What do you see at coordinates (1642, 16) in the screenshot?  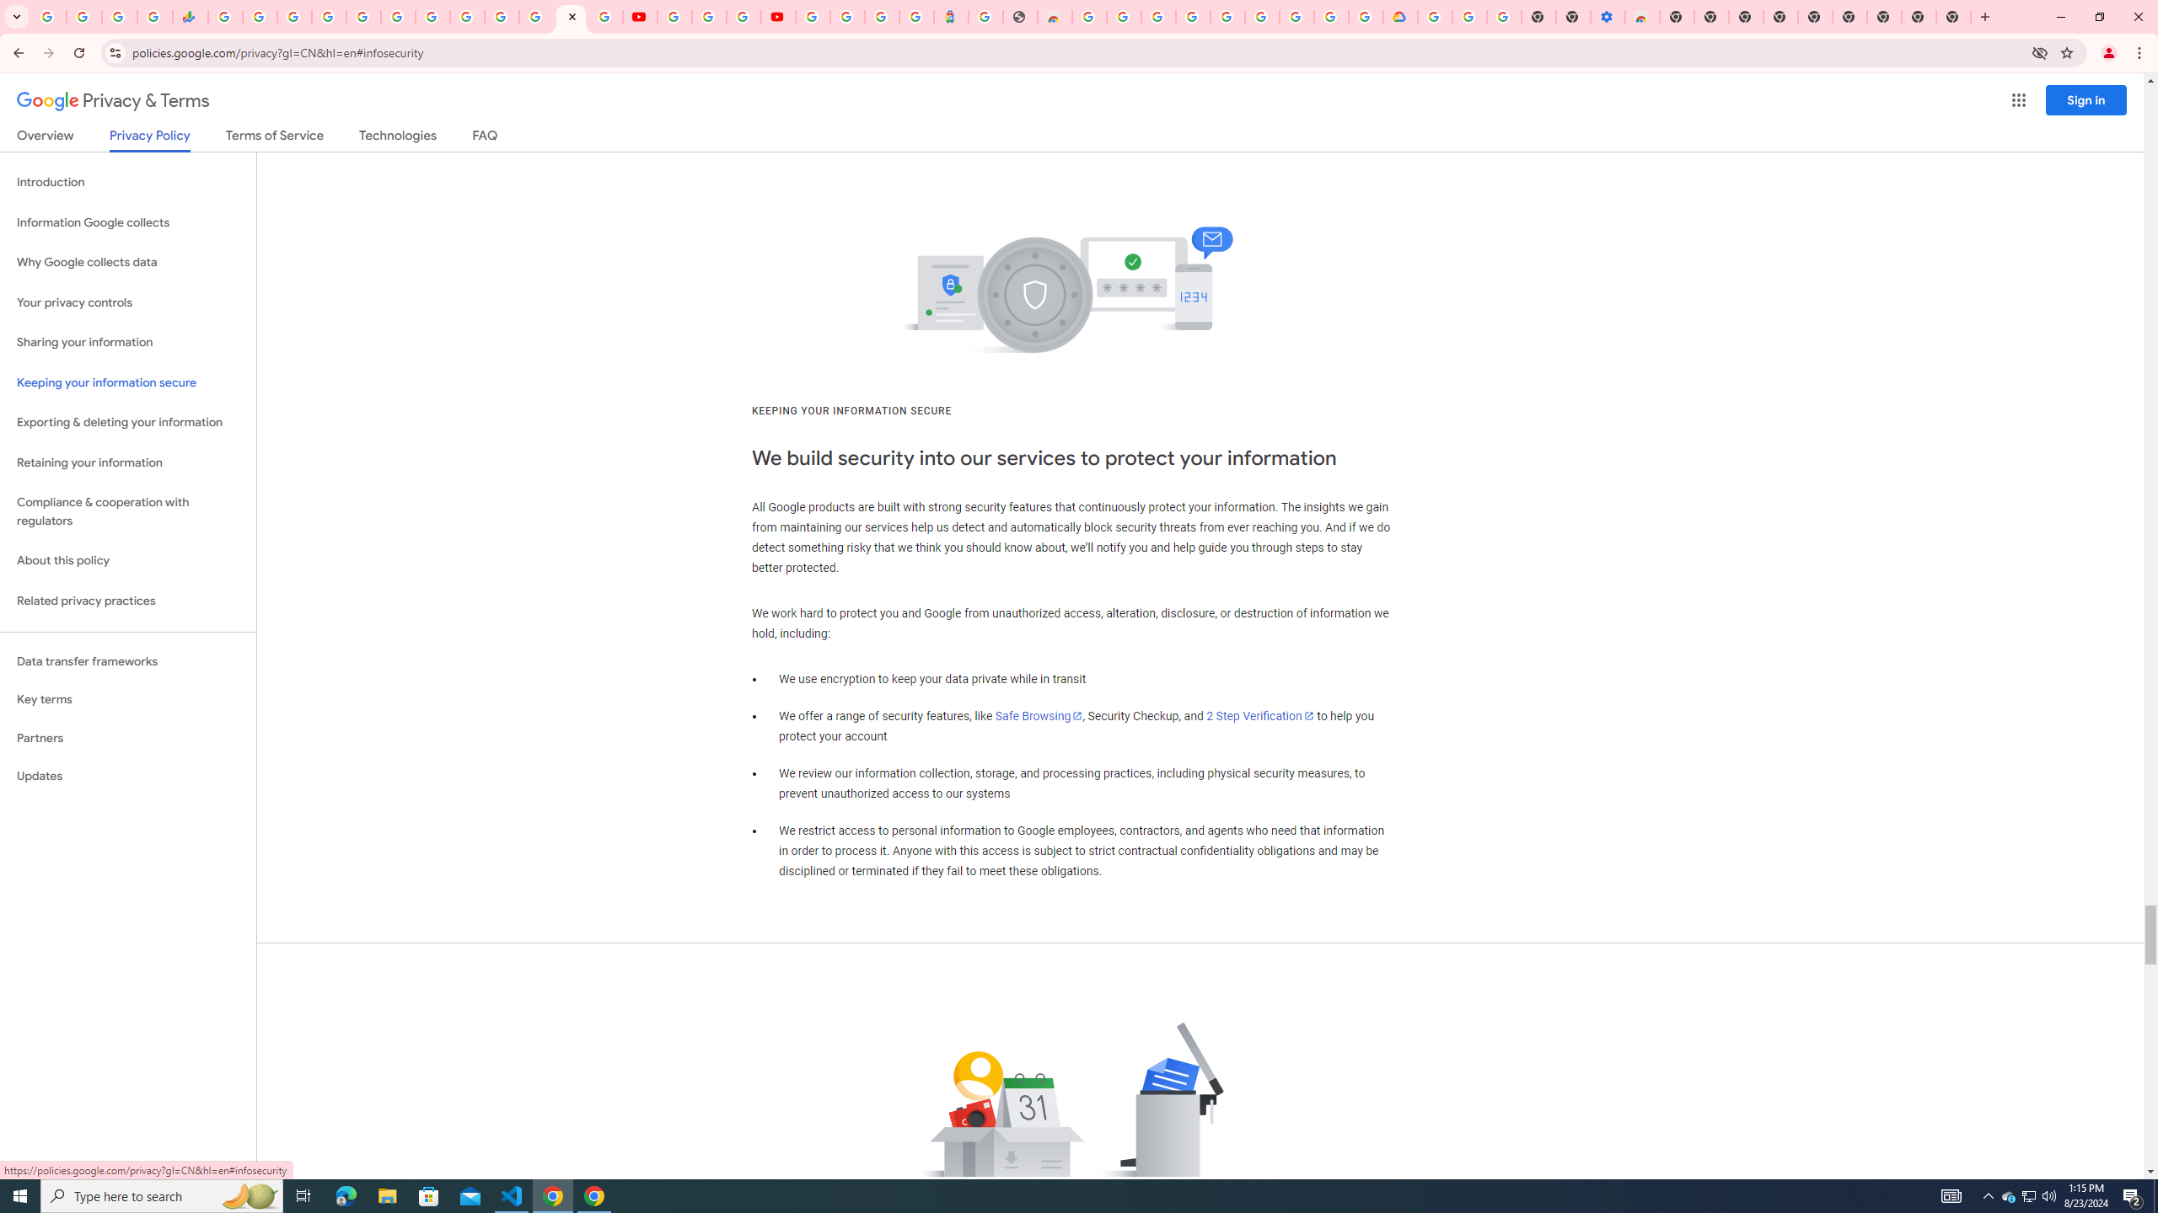 I see `'Chrome Web Store - Accessibility extensions'` at bounding box center [1642, 16].